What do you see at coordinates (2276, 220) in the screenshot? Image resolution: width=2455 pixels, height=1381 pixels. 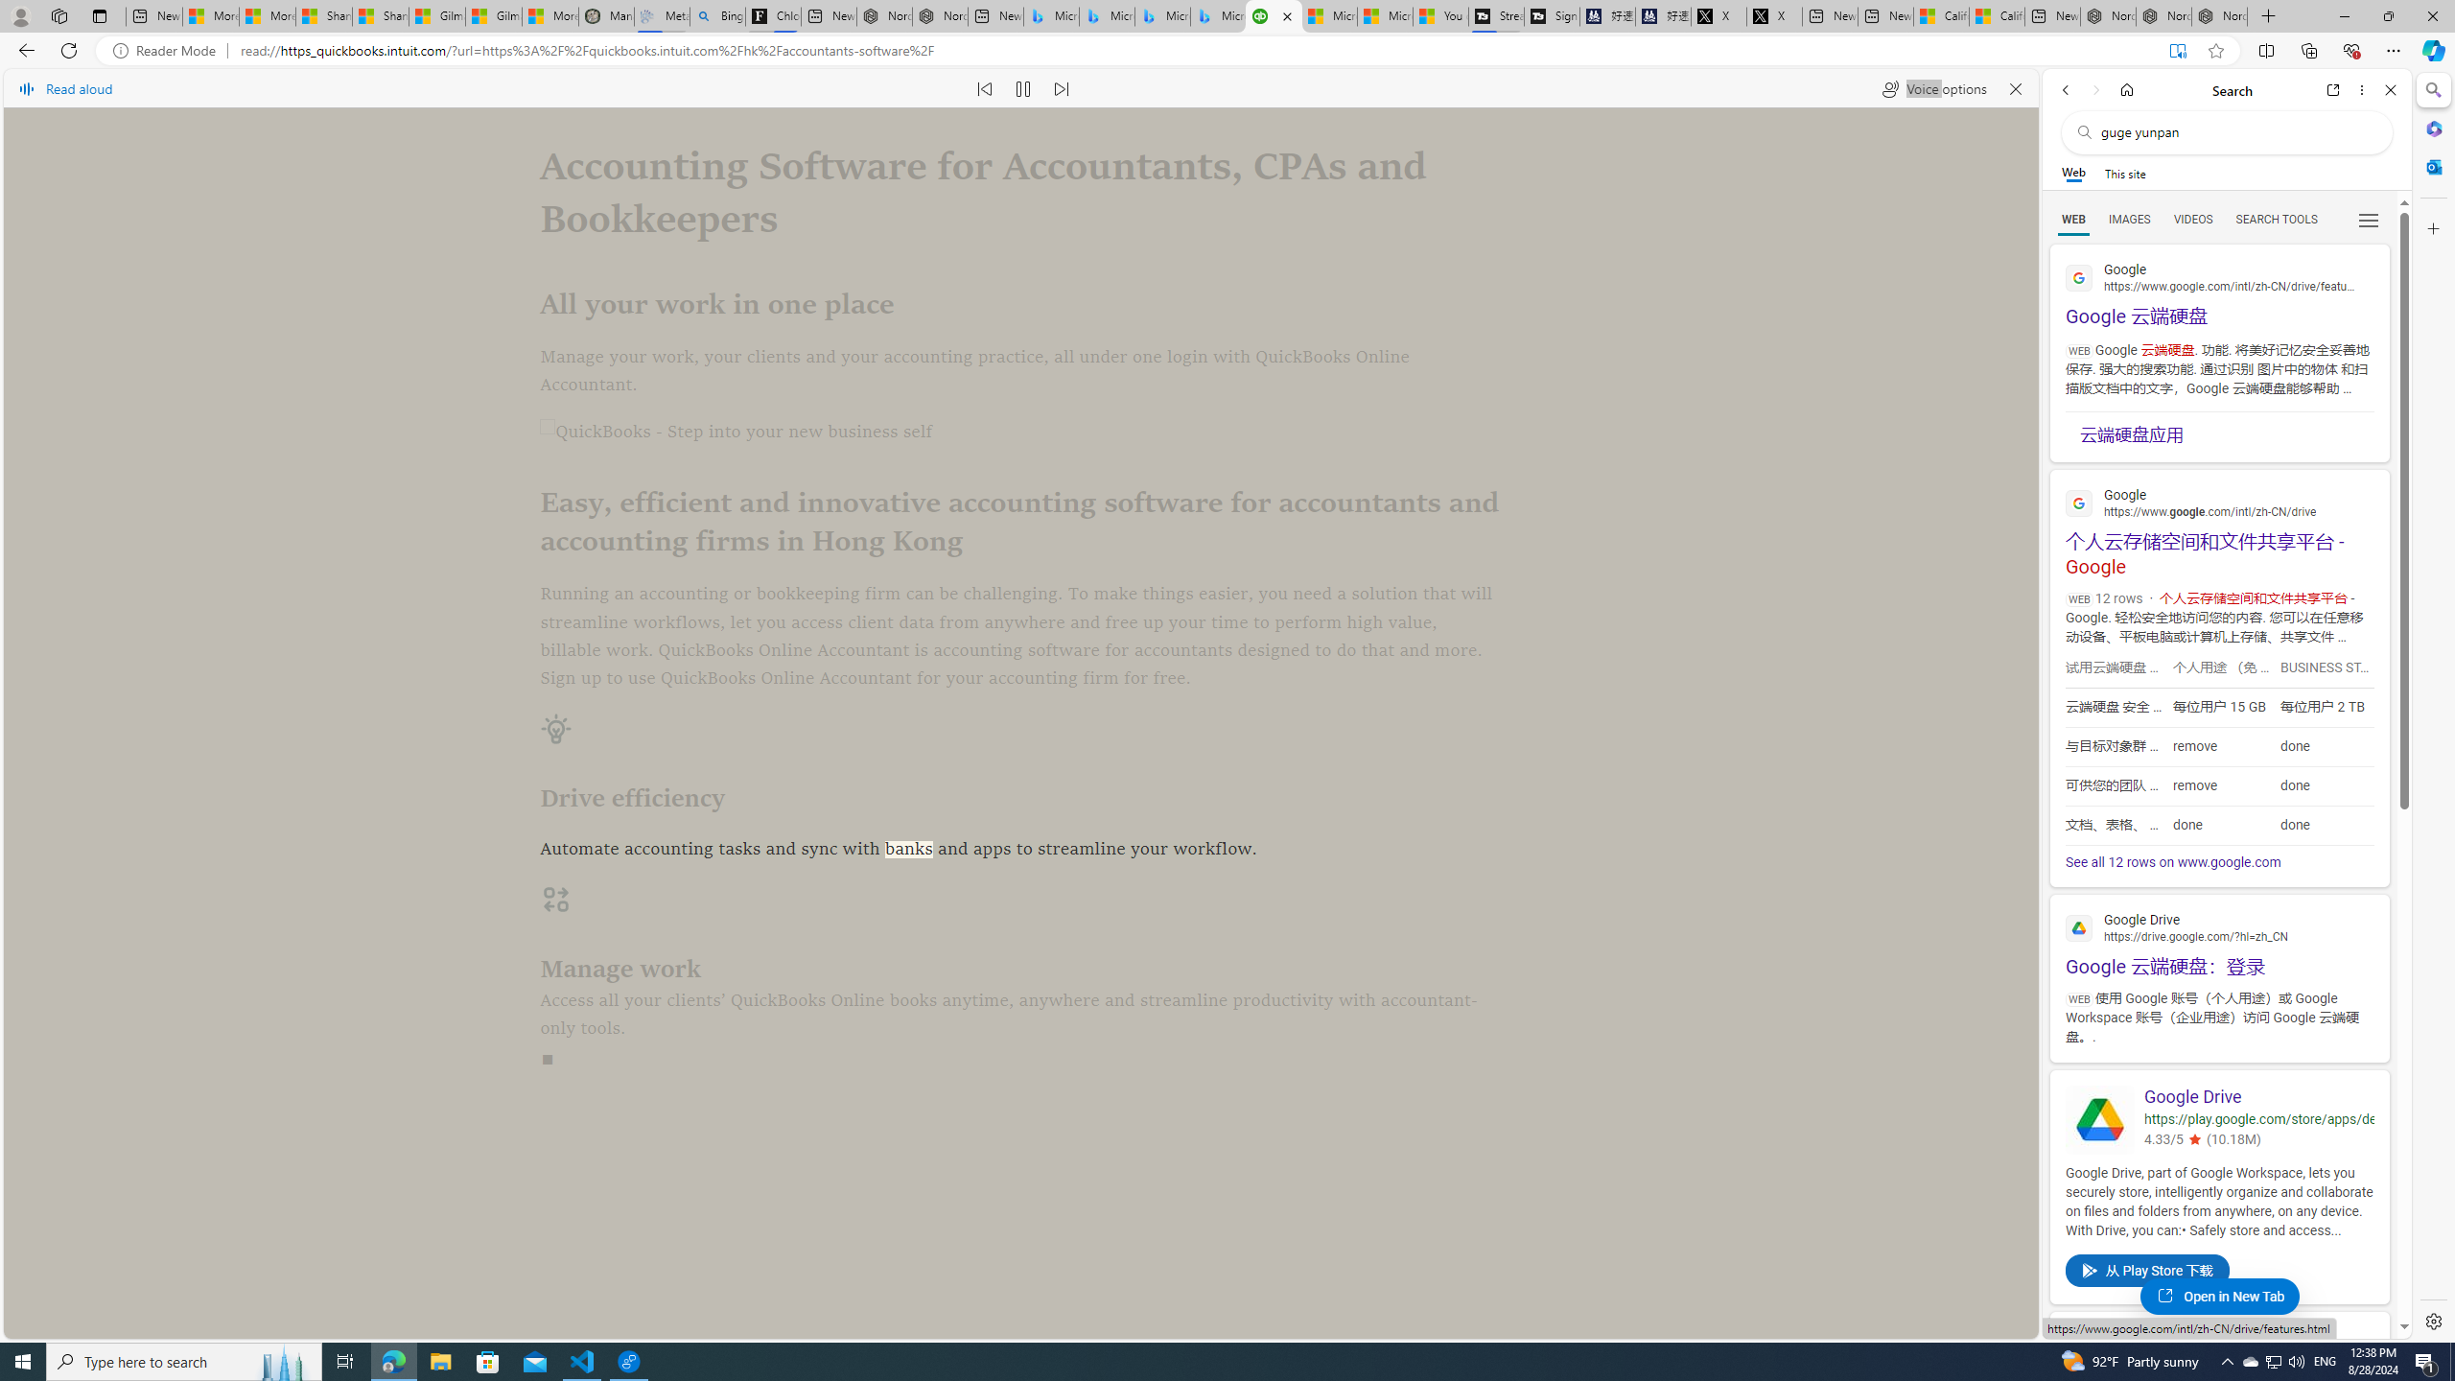 I see `'SEARCH TOOLS'` at bounding box center [2276, 220].